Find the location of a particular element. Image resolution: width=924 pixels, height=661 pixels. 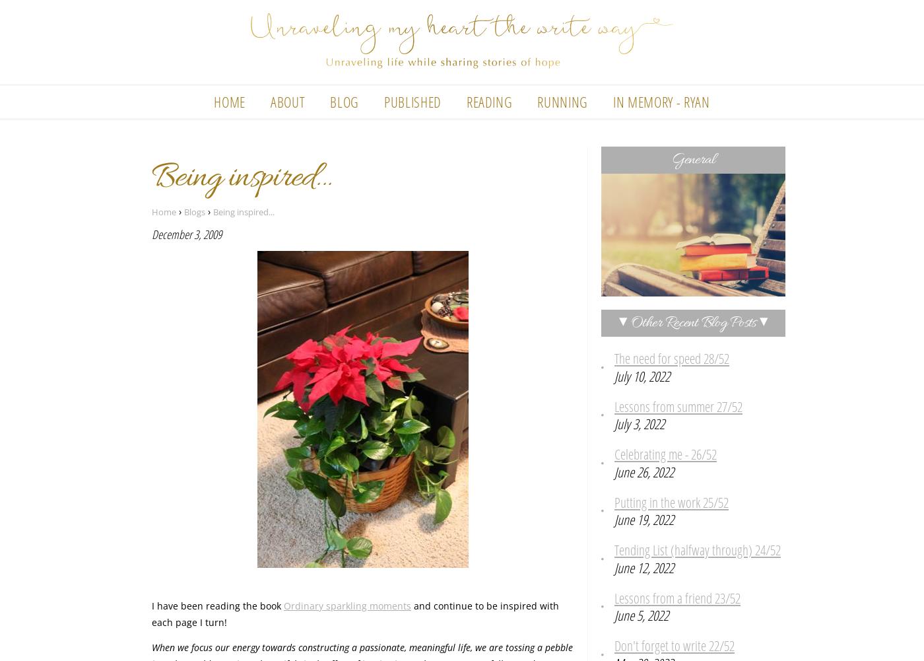

'Reading' is located at coordinates (489, 101).